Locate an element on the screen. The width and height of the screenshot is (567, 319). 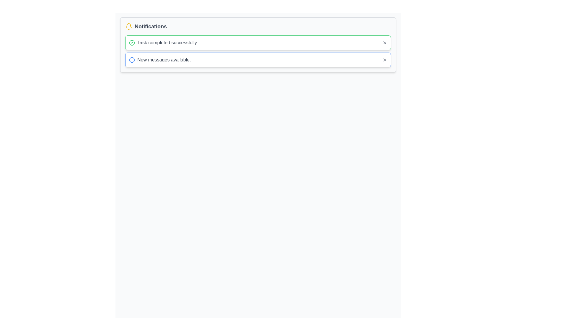
the green circular checkmark icon indicating a successful task, which is part of a notification message stating 'Task completed successfully.' is located at coordinates (131, 43).